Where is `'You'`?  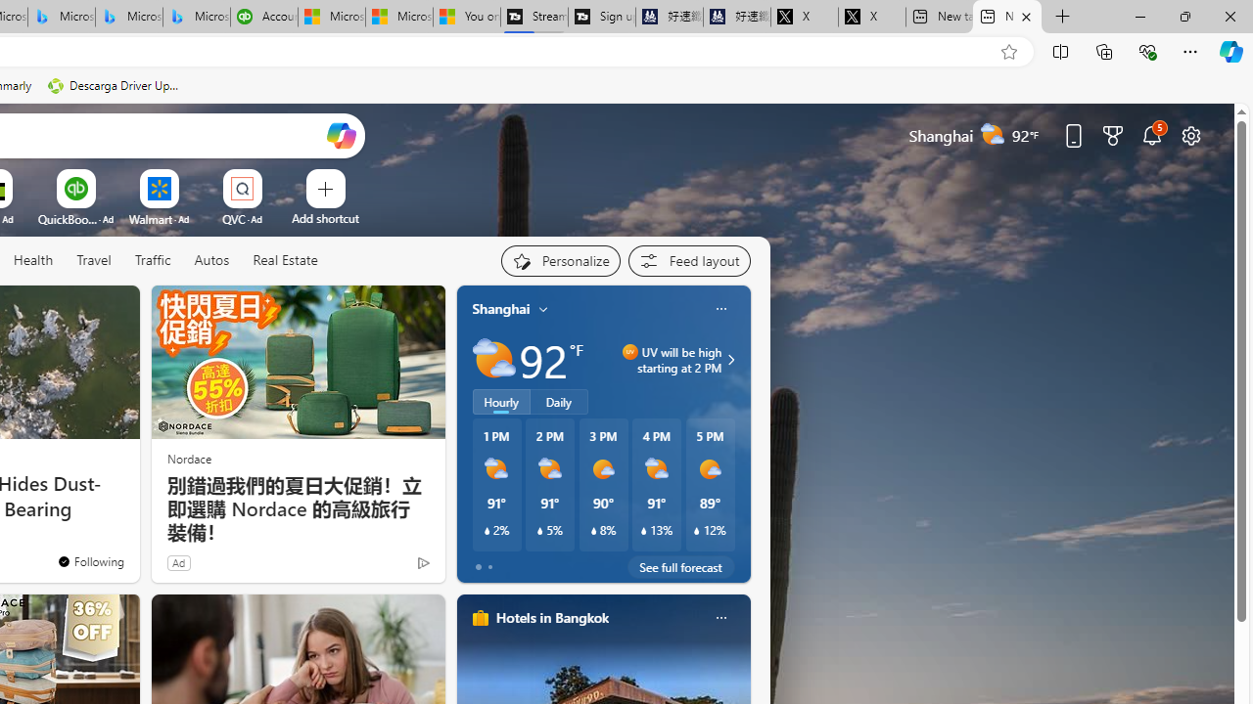
'You' is located at coordinates (89, 560).